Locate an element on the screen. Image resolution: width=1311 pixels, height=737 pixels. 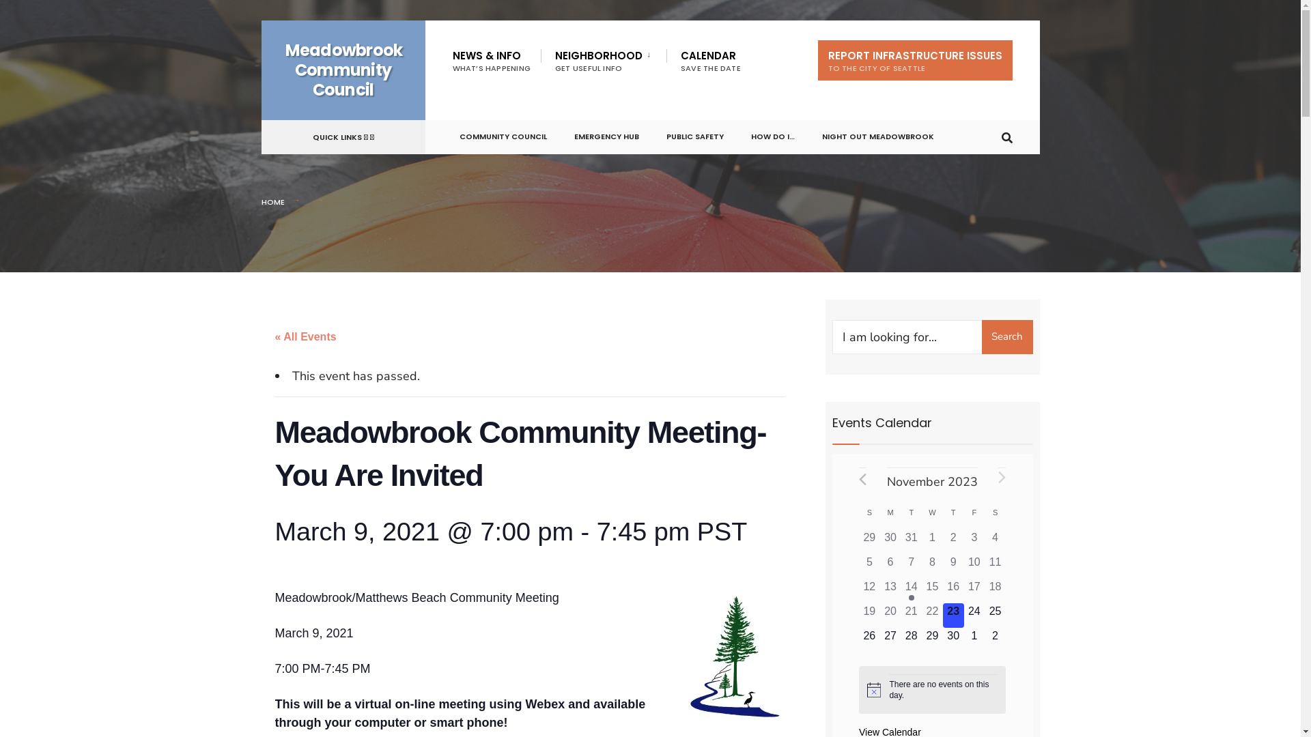
'REPORT INFRASTRUCTURE ISSUES is located at coordinates (915, 59).